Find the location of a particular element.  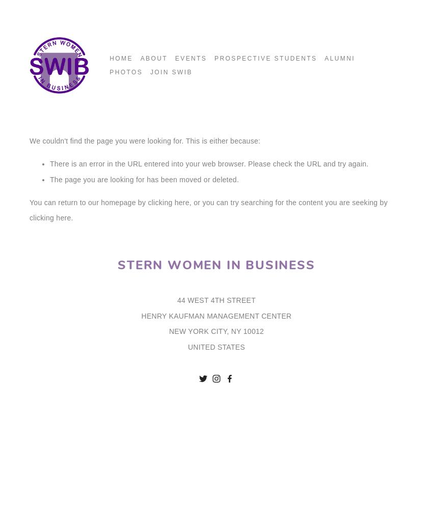

'There is an error in the URL entered into your web browser. Please check the URL and try again.' is located at coordinates (49, 163).